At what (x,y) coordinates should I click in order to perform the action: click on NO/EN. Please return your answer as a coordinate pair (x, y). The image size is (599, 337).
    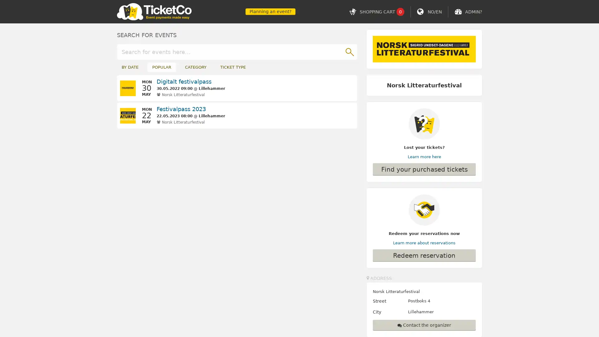
    Looking at the image, I should click on (434, 12).